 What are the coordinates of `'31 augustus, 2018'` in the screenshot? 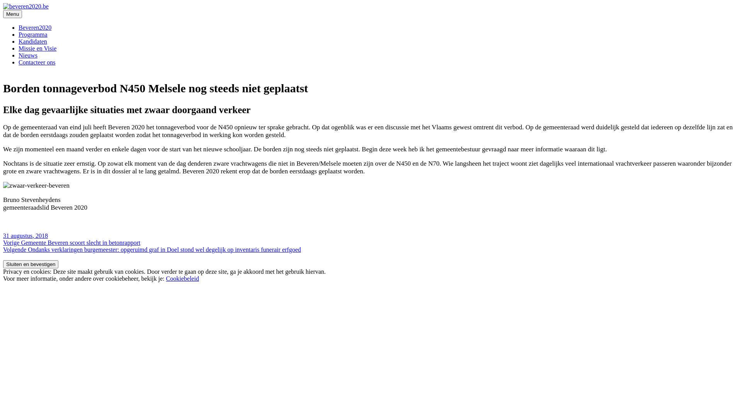 It's located at (26, 235).